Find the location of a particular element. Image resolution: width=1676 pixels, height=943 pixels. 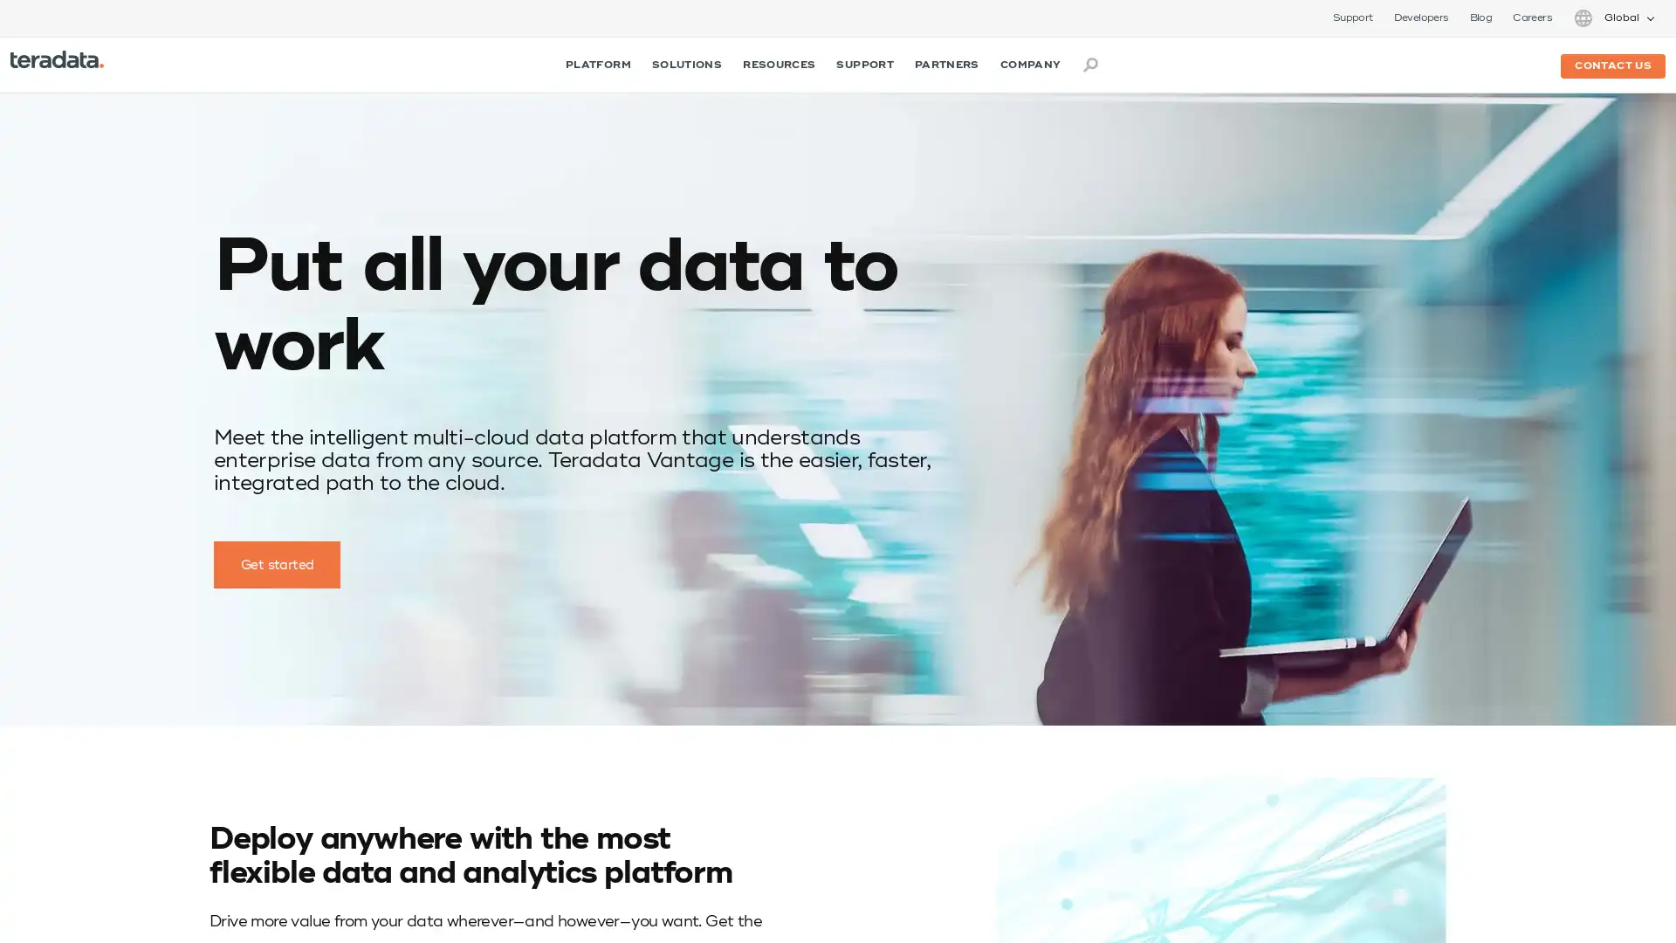

Global is located at coordinates (1612, 17).